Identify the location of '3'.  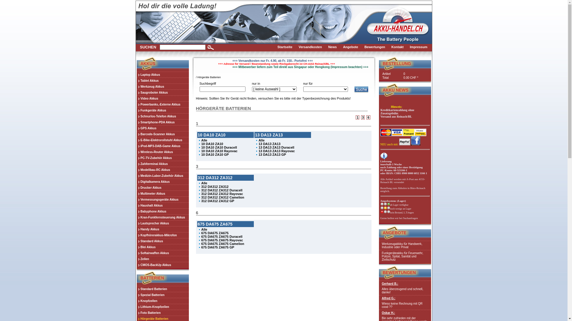
(361, 117).